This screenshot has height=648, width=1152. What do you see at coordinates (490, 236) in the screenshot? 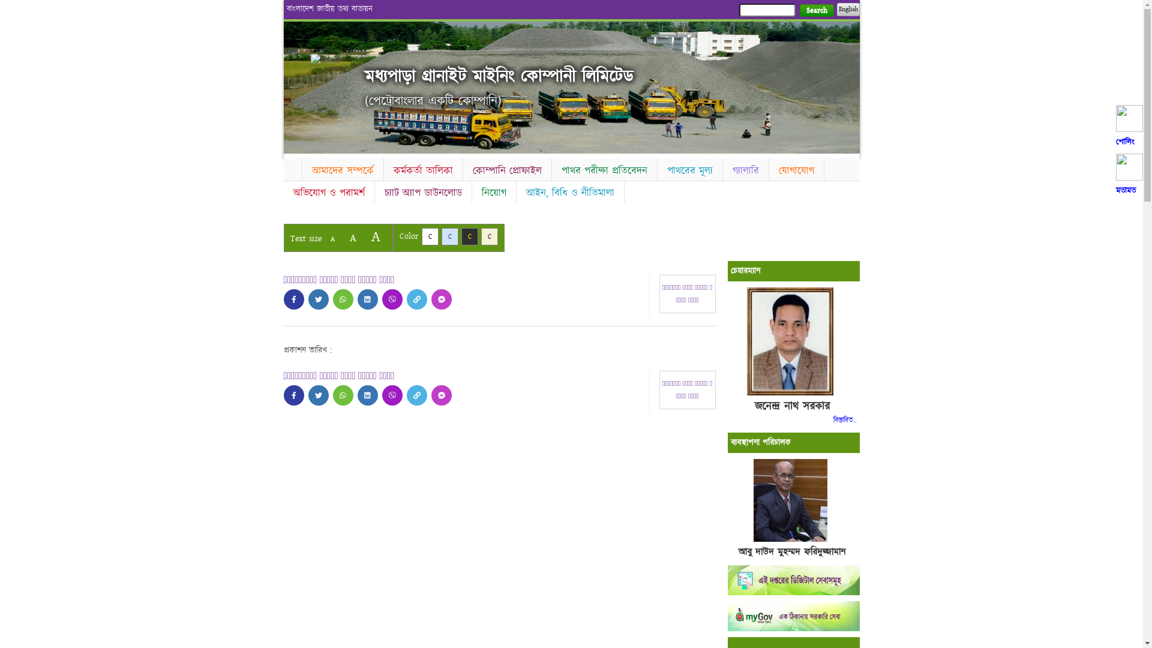
I see `'C'` at bounding box center [490, 236].